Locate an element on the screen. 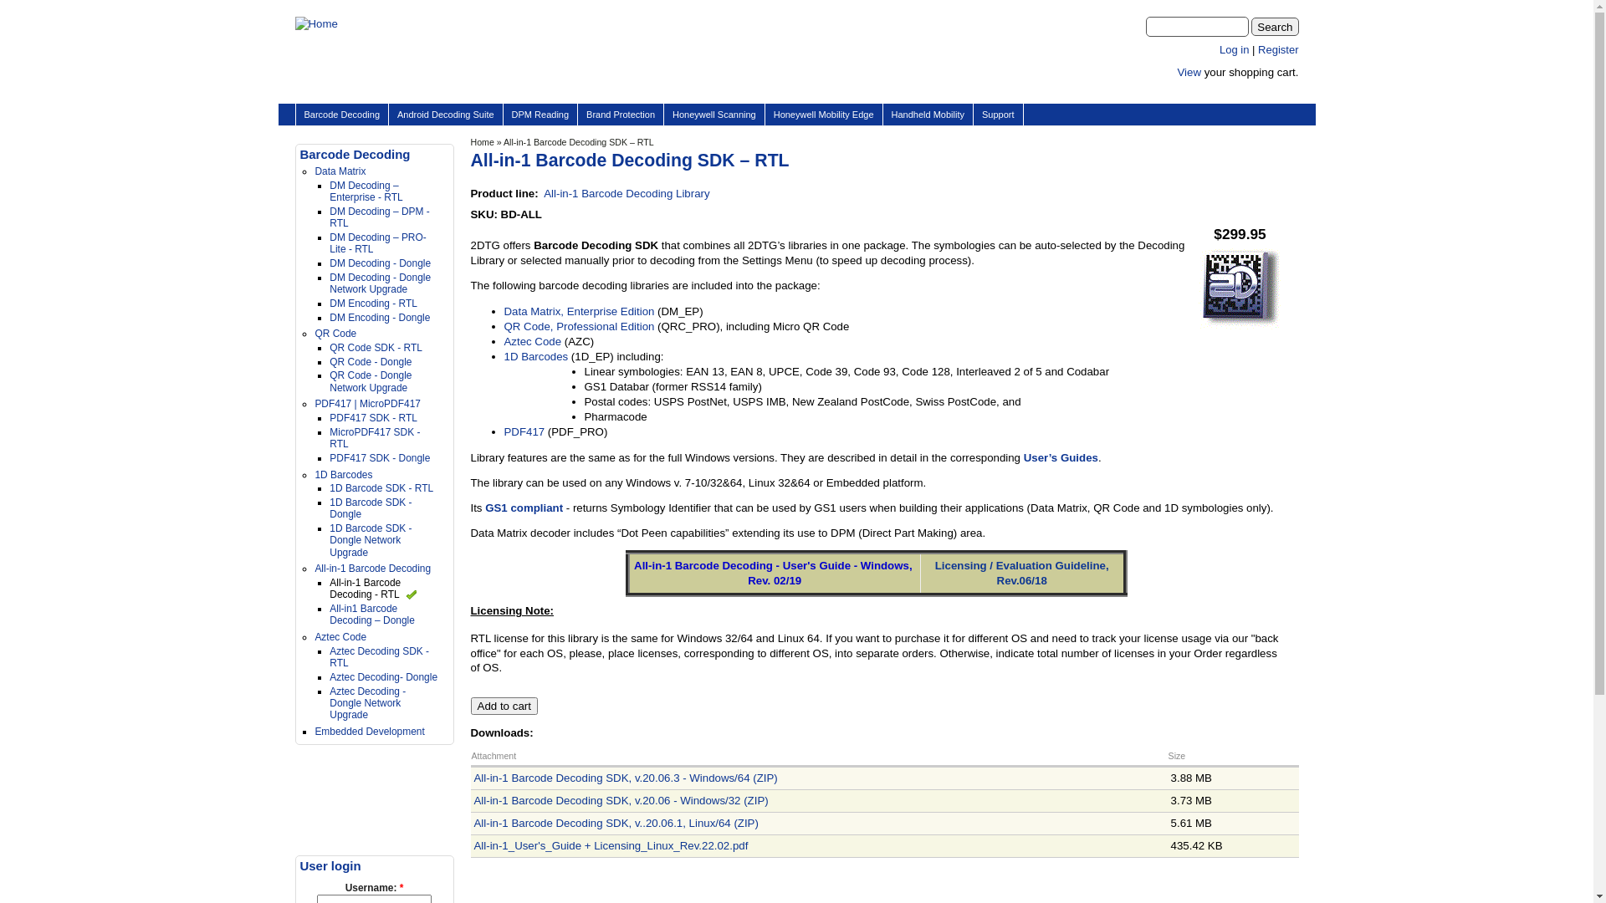  'Add to cart' is located at coordinates (502, 706).